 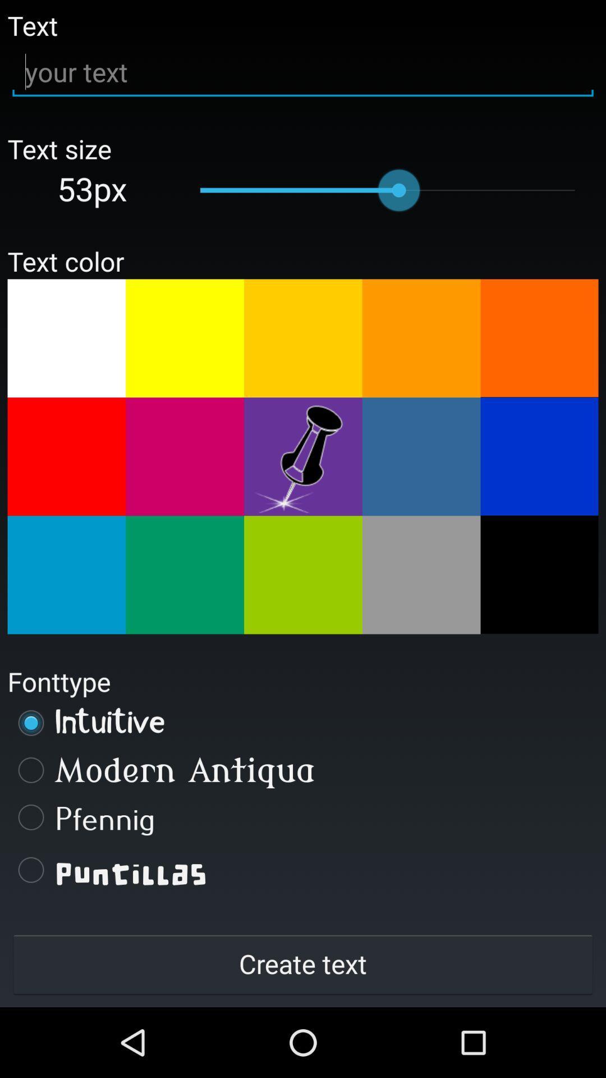 What do you see at coordinates (66, 337) in the screenshot?
I see `color` at bounding box center [66, 337].